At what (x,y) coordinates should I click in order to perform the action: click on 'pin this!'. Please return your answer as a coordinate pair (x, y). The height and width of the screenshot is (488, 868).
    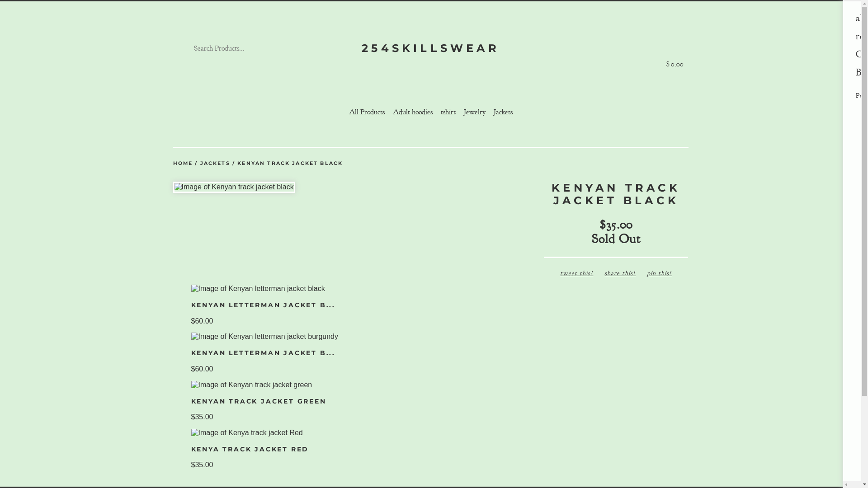
    Looking at the image, I should click on (659, 272).